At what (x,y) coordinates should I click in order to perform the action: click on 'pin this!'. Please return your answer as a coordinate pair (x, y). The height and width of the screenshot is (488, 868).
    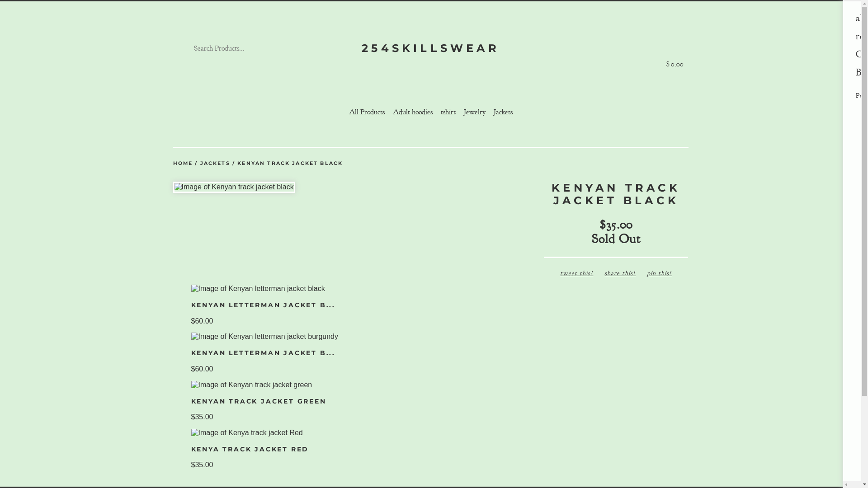
    Looking at the image, I should click on (659, 272).